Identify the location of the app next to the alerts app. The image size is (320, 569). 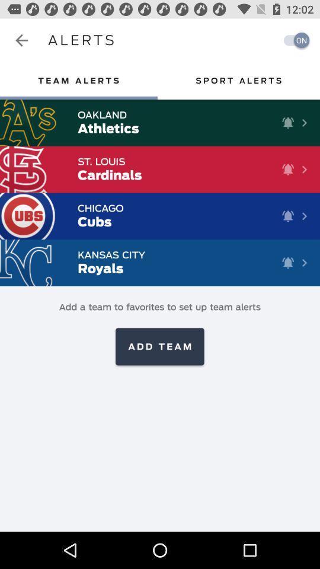
(293, 40).